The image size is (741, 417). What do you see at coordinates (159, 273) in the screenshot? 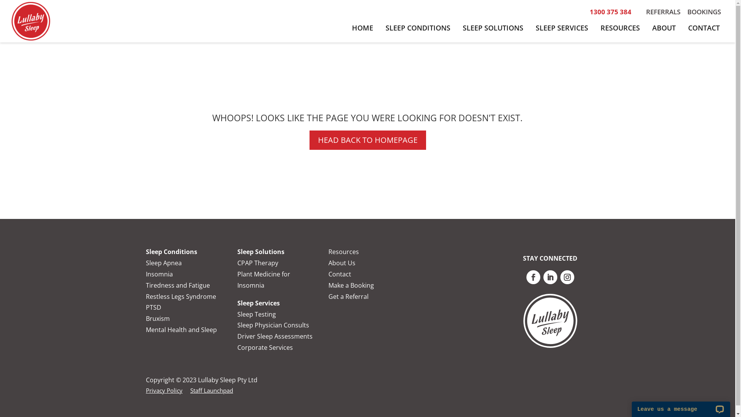
I see `'Insomnia'` at bounding box center [159, 273].